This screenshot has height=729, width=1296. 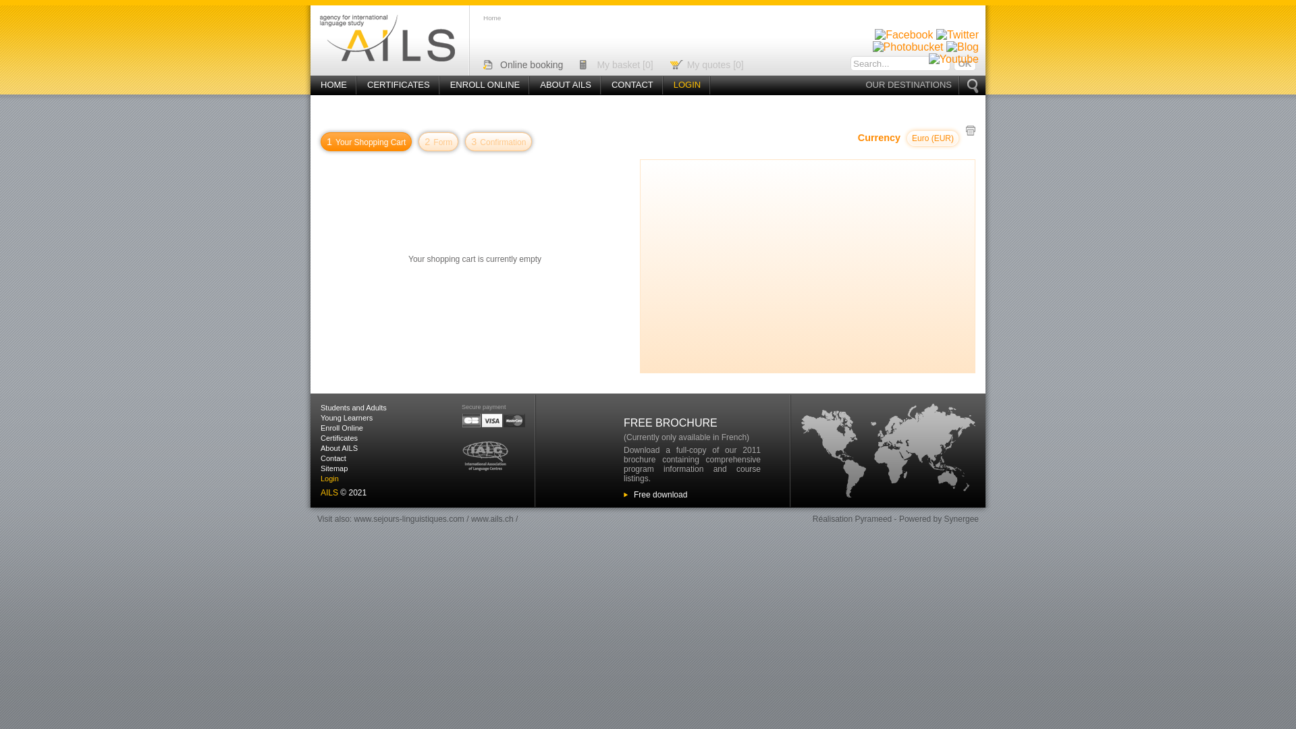 I want to click on 'ENROLL ONLINE', so click(x=485, y=85).